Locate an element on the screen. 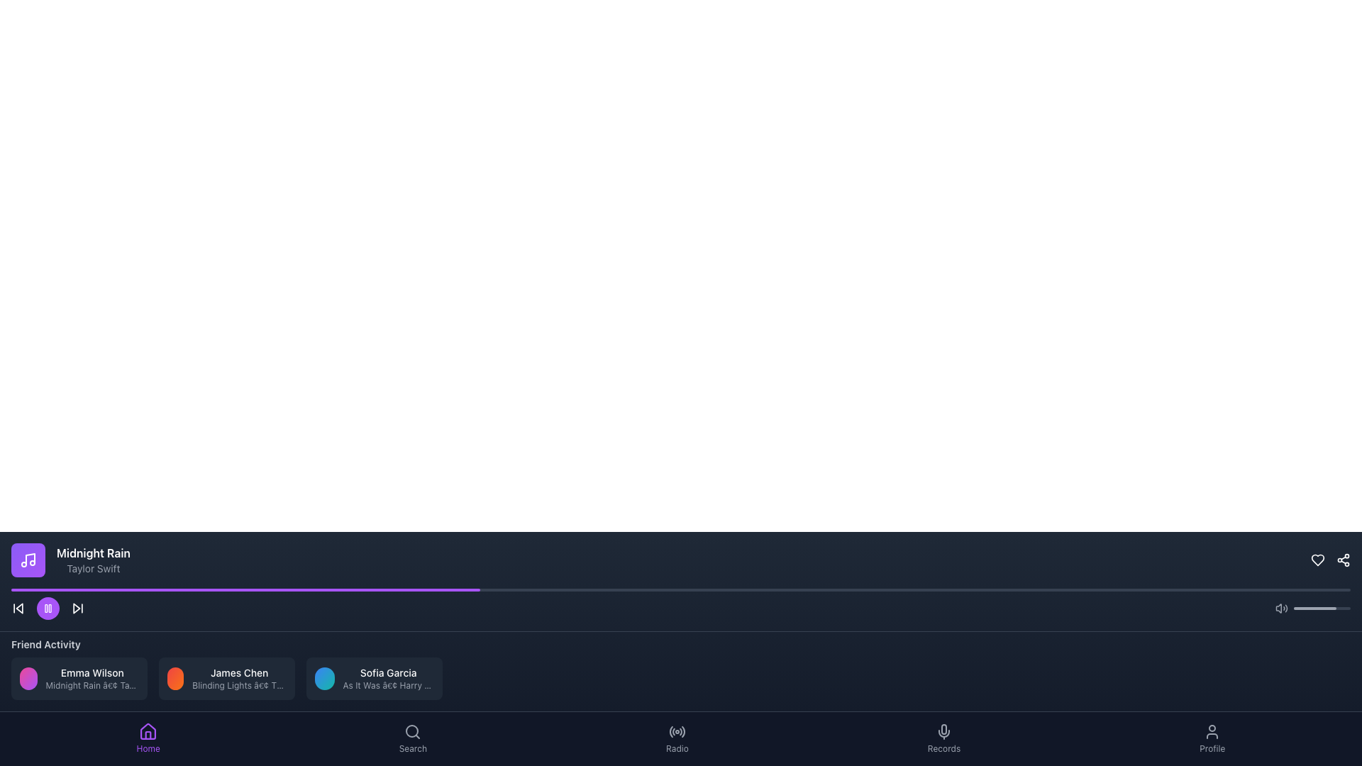  the progress bar of the Media control bar located at the bottom-center of the interface to change the playback position is located at coordinates (681, 604).